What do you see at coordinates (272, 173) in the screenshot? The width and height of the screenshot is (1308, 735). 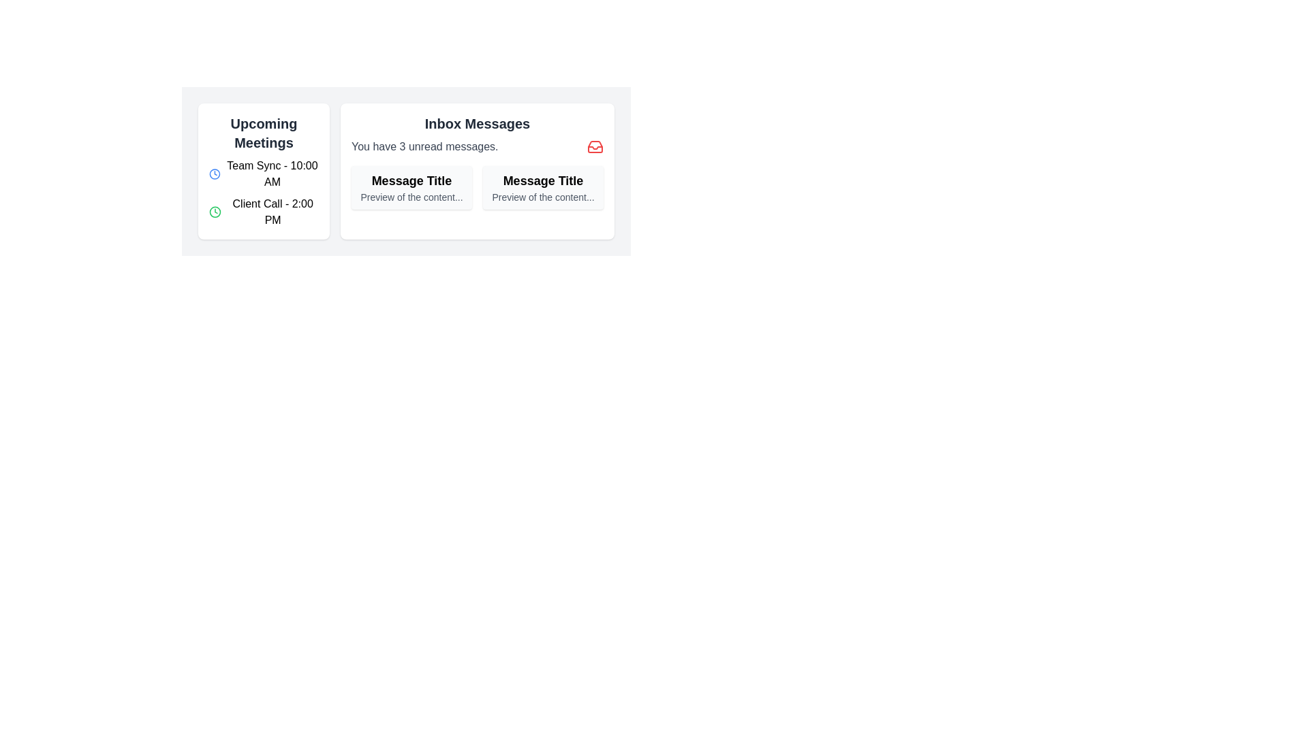 I see `the first meeting item in the 'Upcoming Meetings' section, which indicates a scheduled meeting with its title and time` at bounding box center [272, 173].